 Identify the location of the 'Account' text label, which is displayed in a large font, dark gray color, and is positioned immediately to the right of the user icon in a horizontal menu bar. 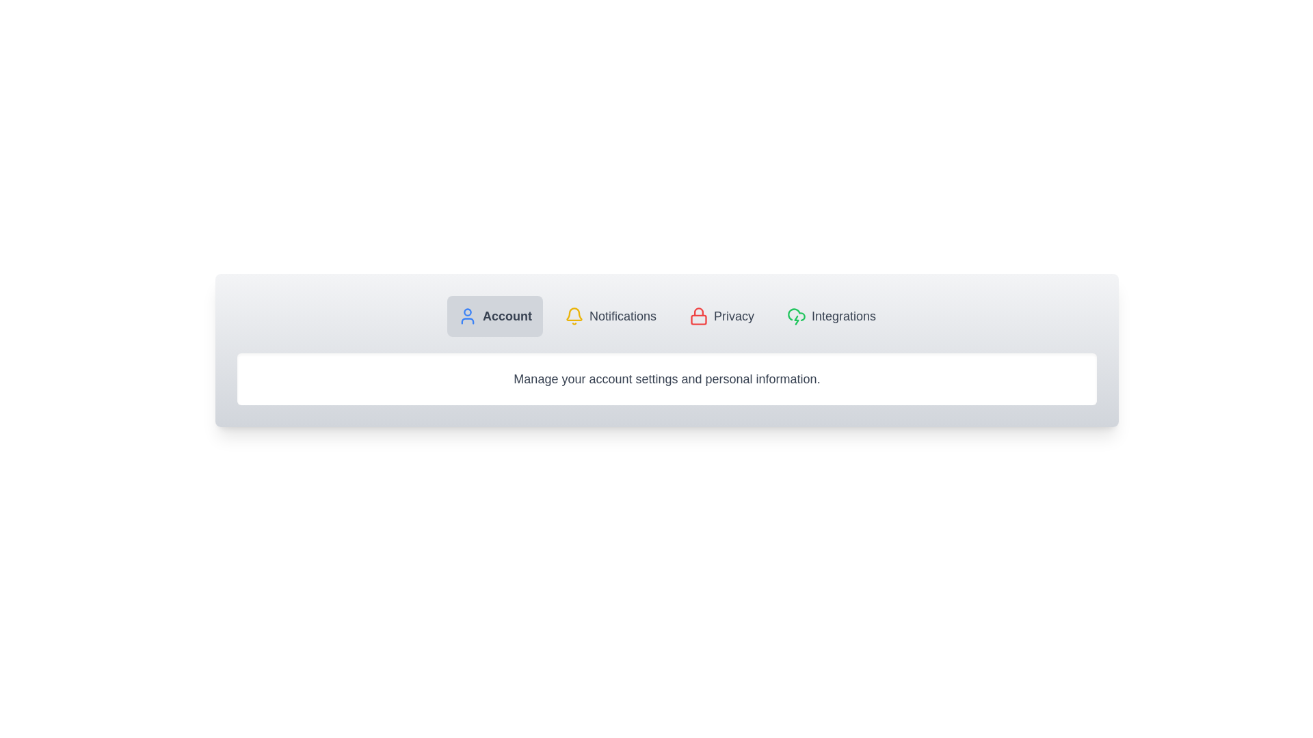
(506, 316).